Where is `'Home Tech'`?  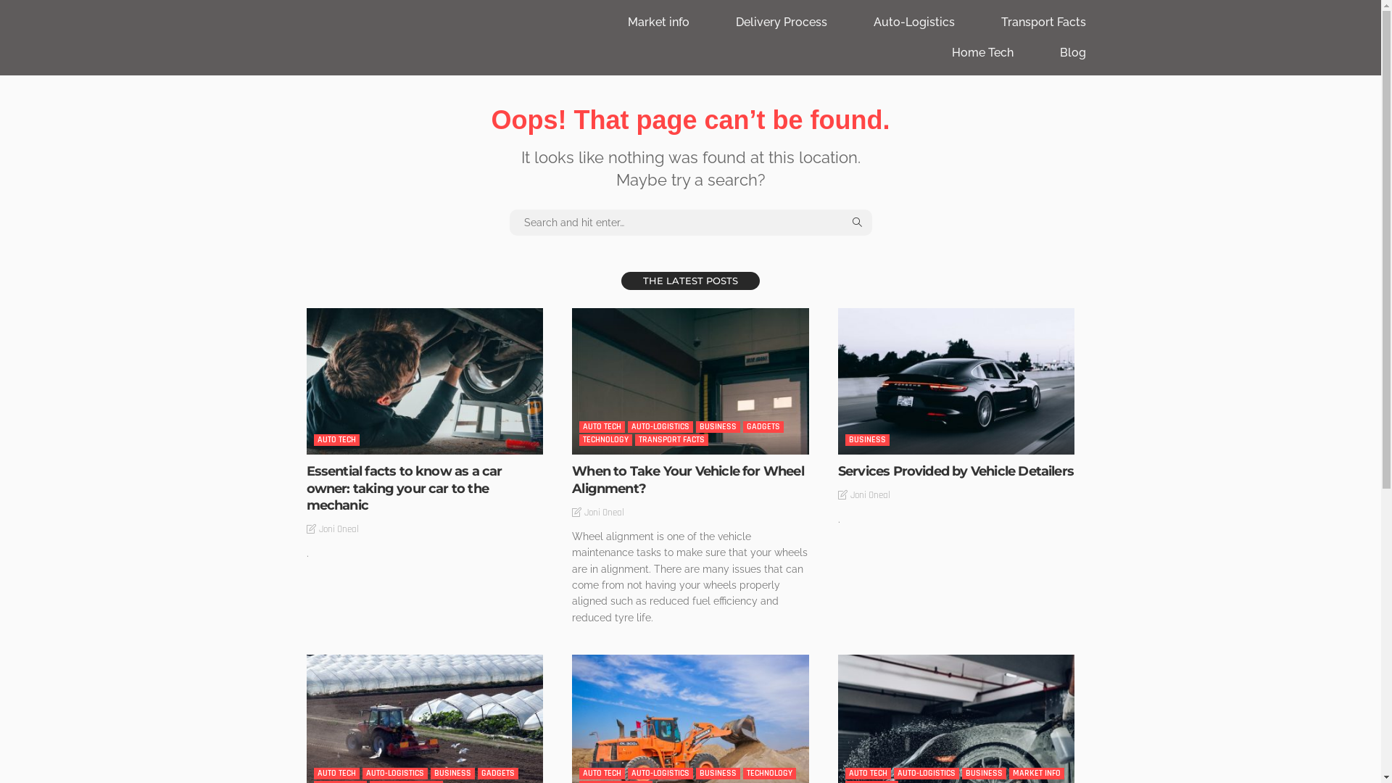
'Home Tech' is located at coordinates (982, 52).